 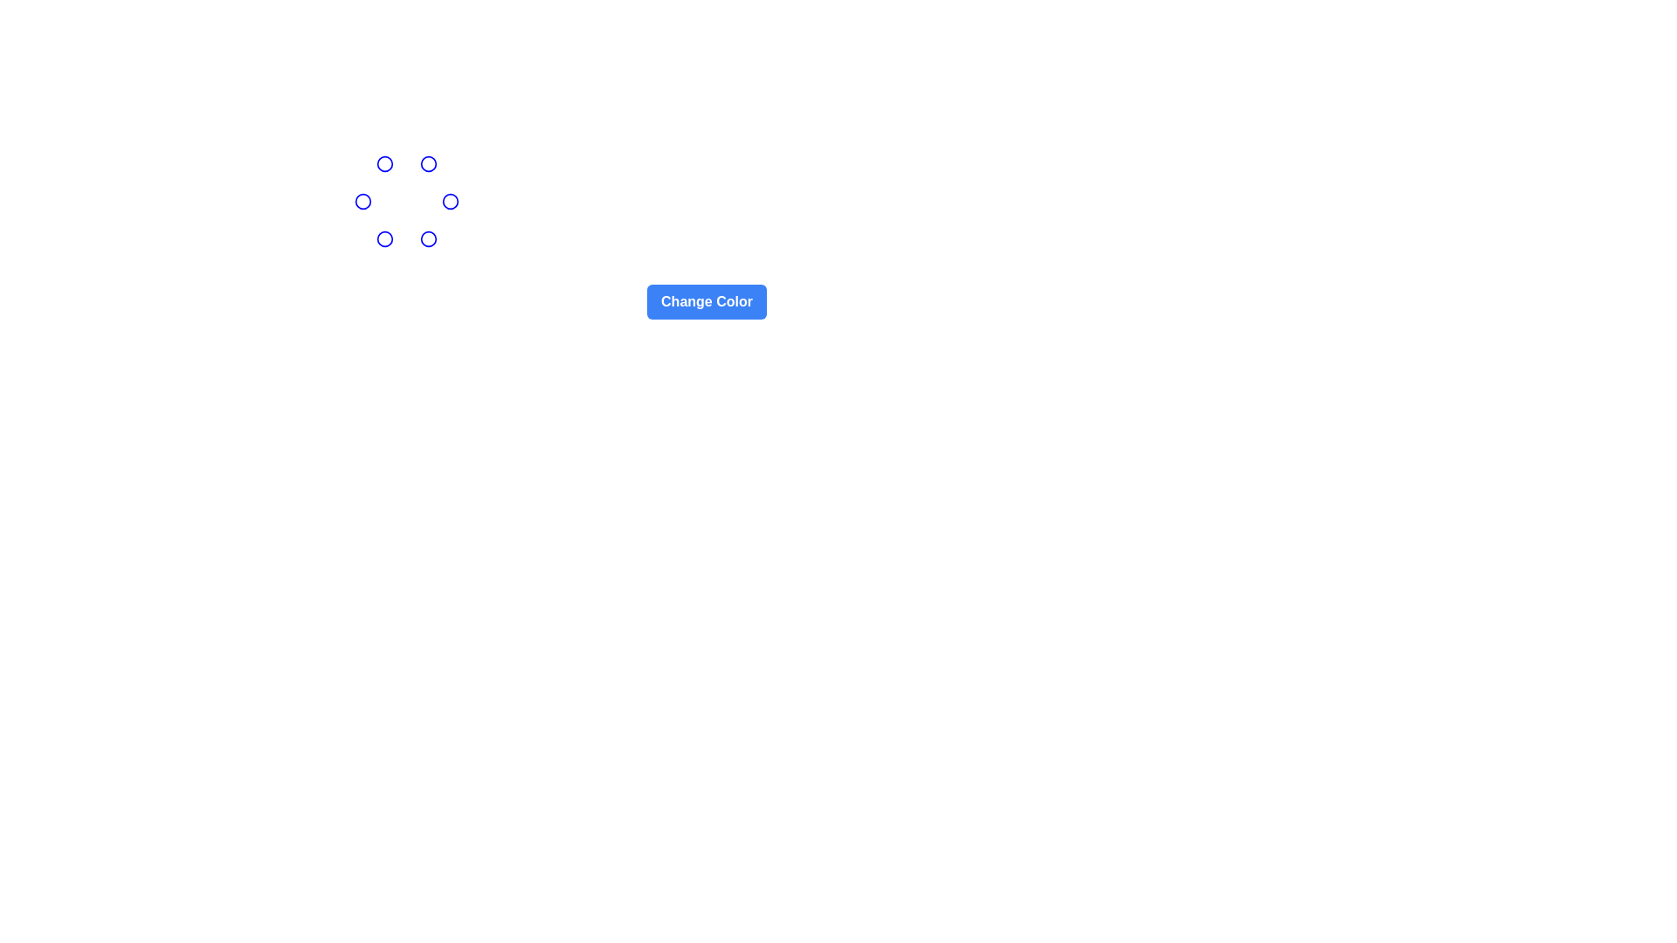 What do you see at coordinates (384, 162) in the screenshot?
I see `the blue-outlined Decorative Circle located at the top-left area of the interface, which is the first element among similarly styled circles` at bounding box center [384, 162].